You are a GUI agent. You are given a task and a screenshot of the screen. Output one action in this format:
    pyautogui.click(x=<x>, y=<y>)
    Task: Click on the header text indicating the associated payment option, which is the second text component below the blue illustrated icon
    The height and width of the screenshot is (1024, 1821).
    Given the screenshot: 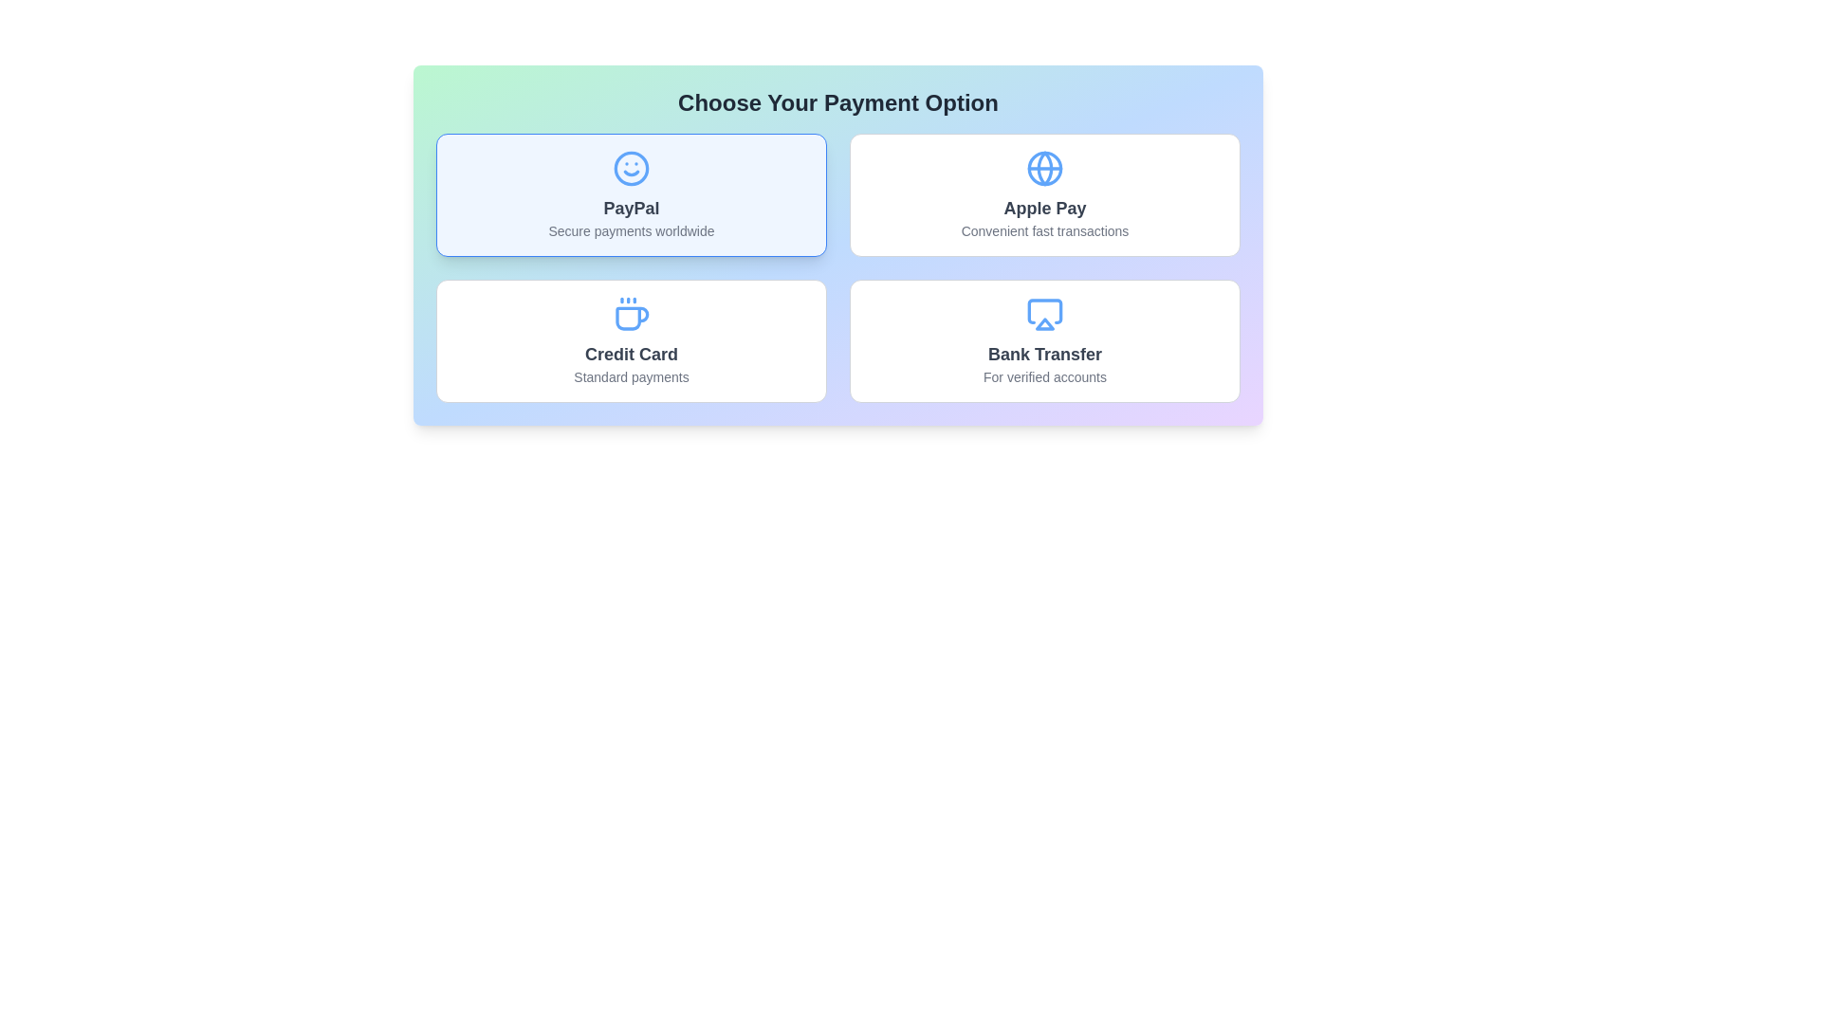 What is the action you would take?
    pyautogui.click(x=1044, y=355)
    